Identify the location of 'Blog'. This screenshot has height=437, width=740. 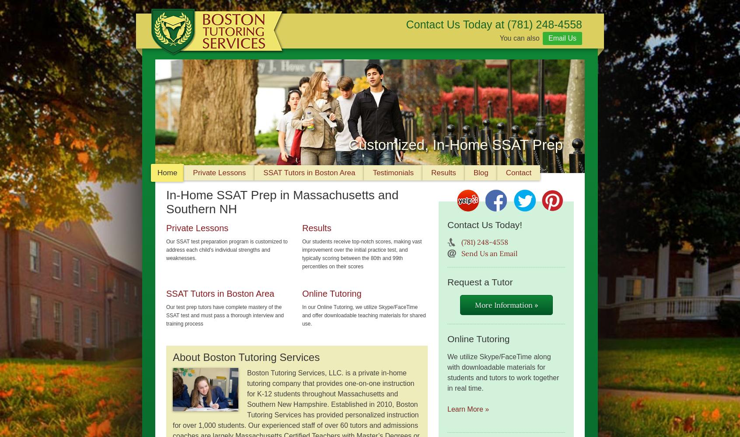
(480, 173).